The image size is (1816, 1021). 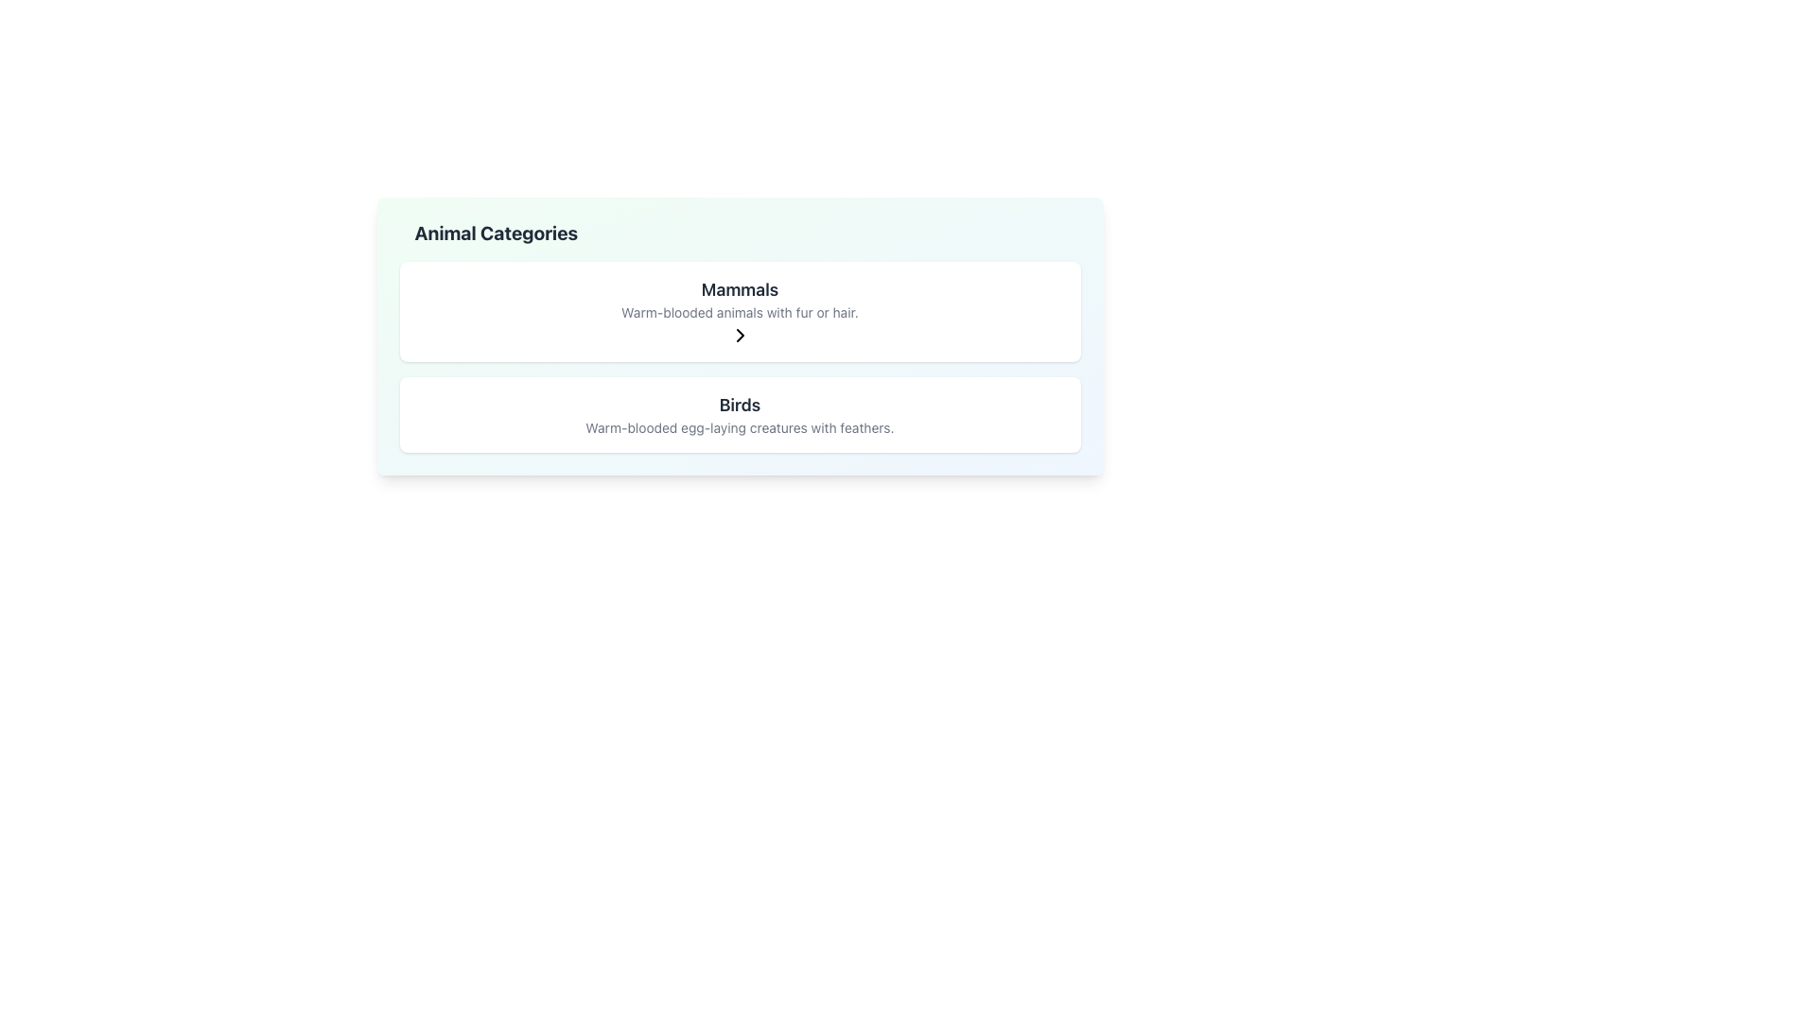 What do you see at coordinates (739, 334) in the screenshot?
I see `the Chevron icon located in the top-right corner of the 'Mammals' card in the 'Animal Categories' section` at bounding box center [739, 334].